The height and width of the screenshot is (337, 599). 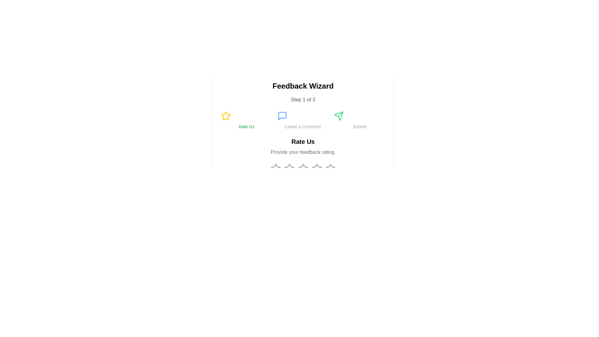 What do you see at coordinates (275, 168) in the screenshot?
I see `over the first star icon in the rating input section` at bounding box center [275, 168].